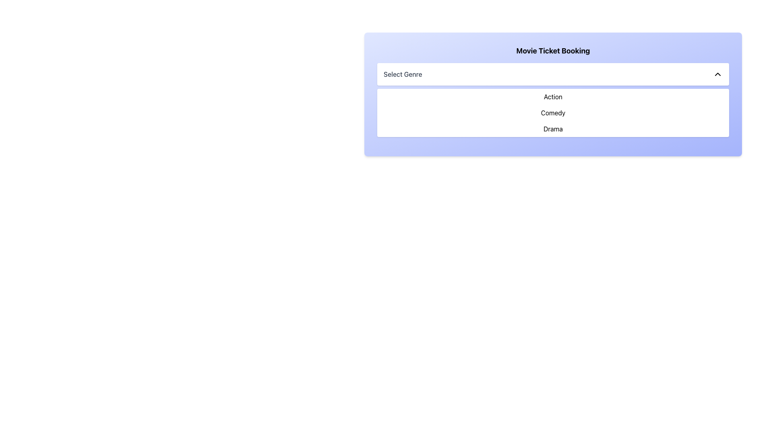 Image resolution: width=773 pixels, height=434 pixels. I want to click on the 'Drama' dropdown list item, which is the third item in the dropdown under 'Select Genre', so click(552, 128).